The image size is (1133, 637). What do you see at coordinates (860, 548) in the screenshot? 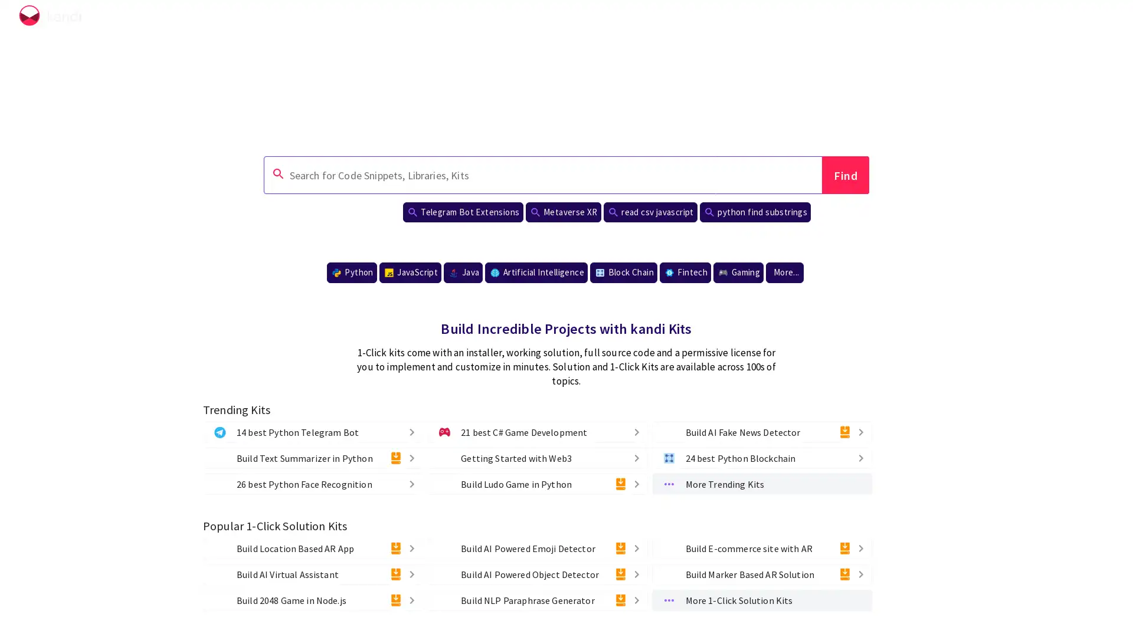
I see `delete` at bounding box center [860, 548].